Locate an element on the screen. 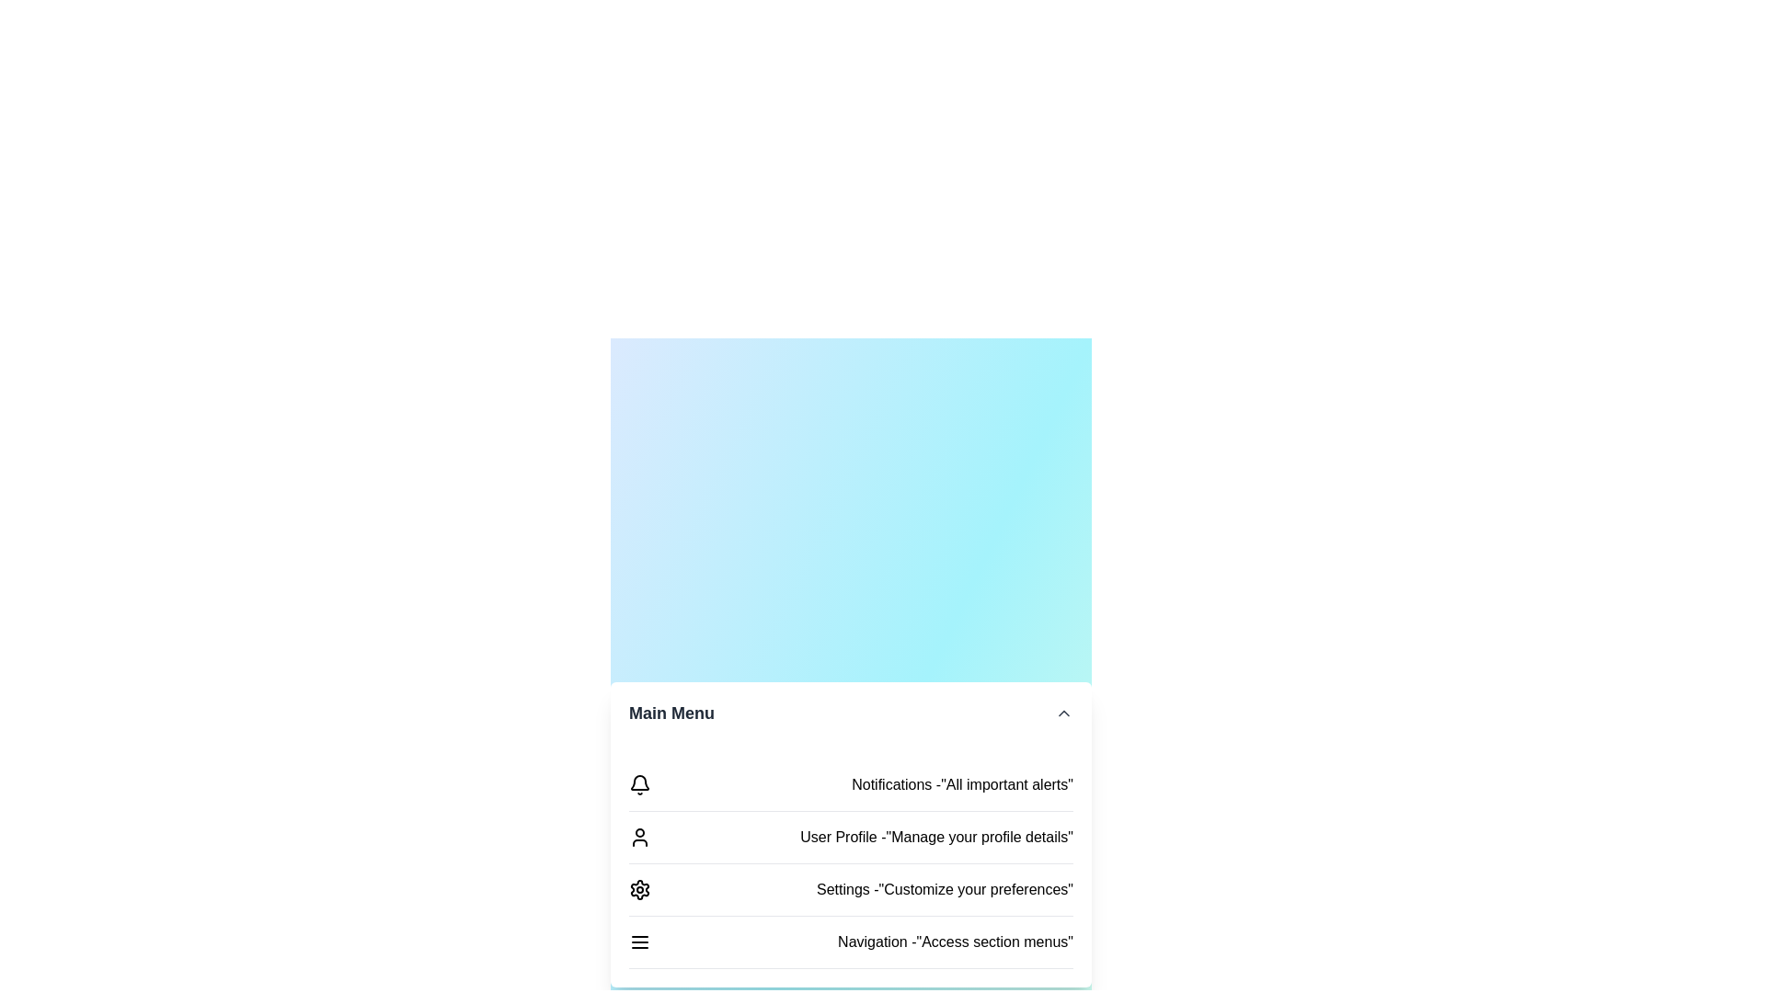  chevron button to toggle the menu visibility is located at coordinates (1063, 712).